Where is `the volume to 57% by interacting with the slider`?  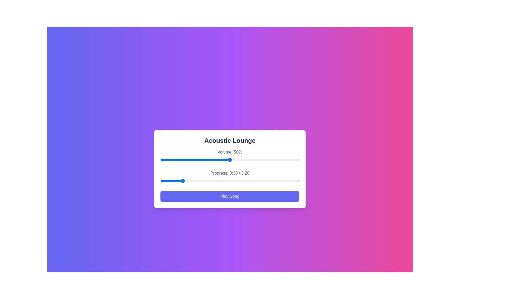
the volume to 57% by interacting with the slider is located at coordinates (239, 160).